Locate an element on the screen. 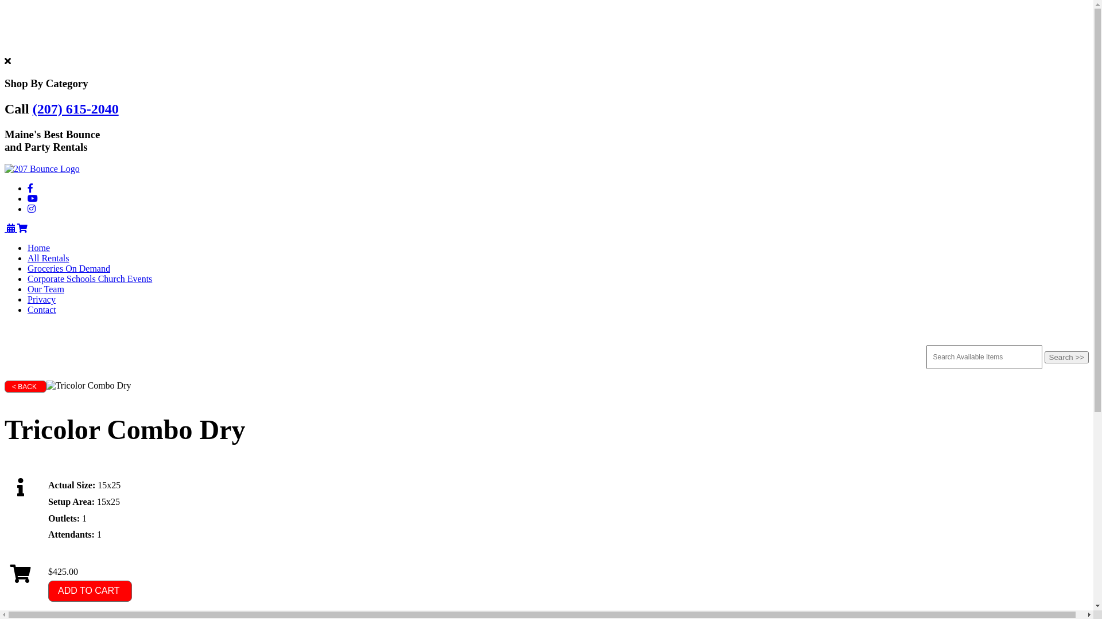  'Corporate Schools Church Events' is located at coordinates (89, 279).